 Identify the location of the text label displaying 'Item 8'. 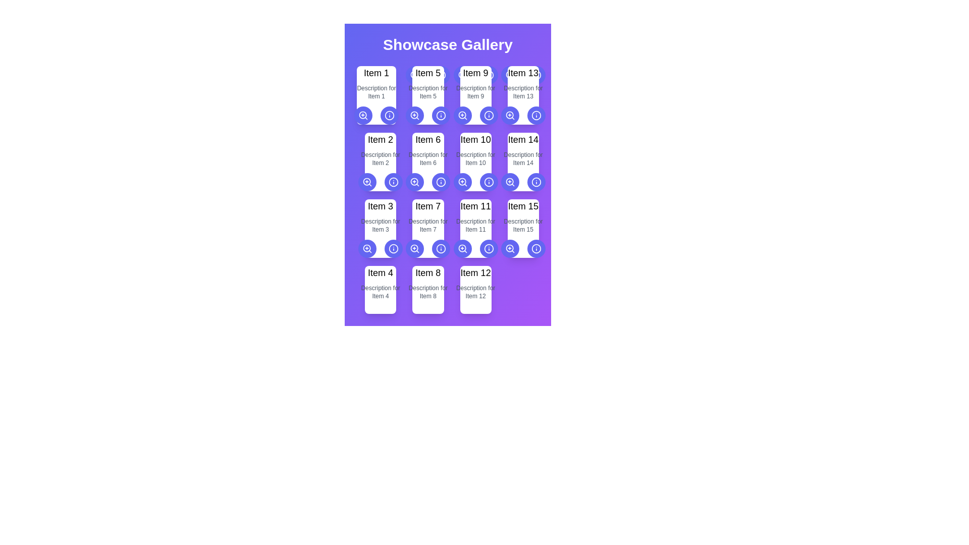
(428, 272).